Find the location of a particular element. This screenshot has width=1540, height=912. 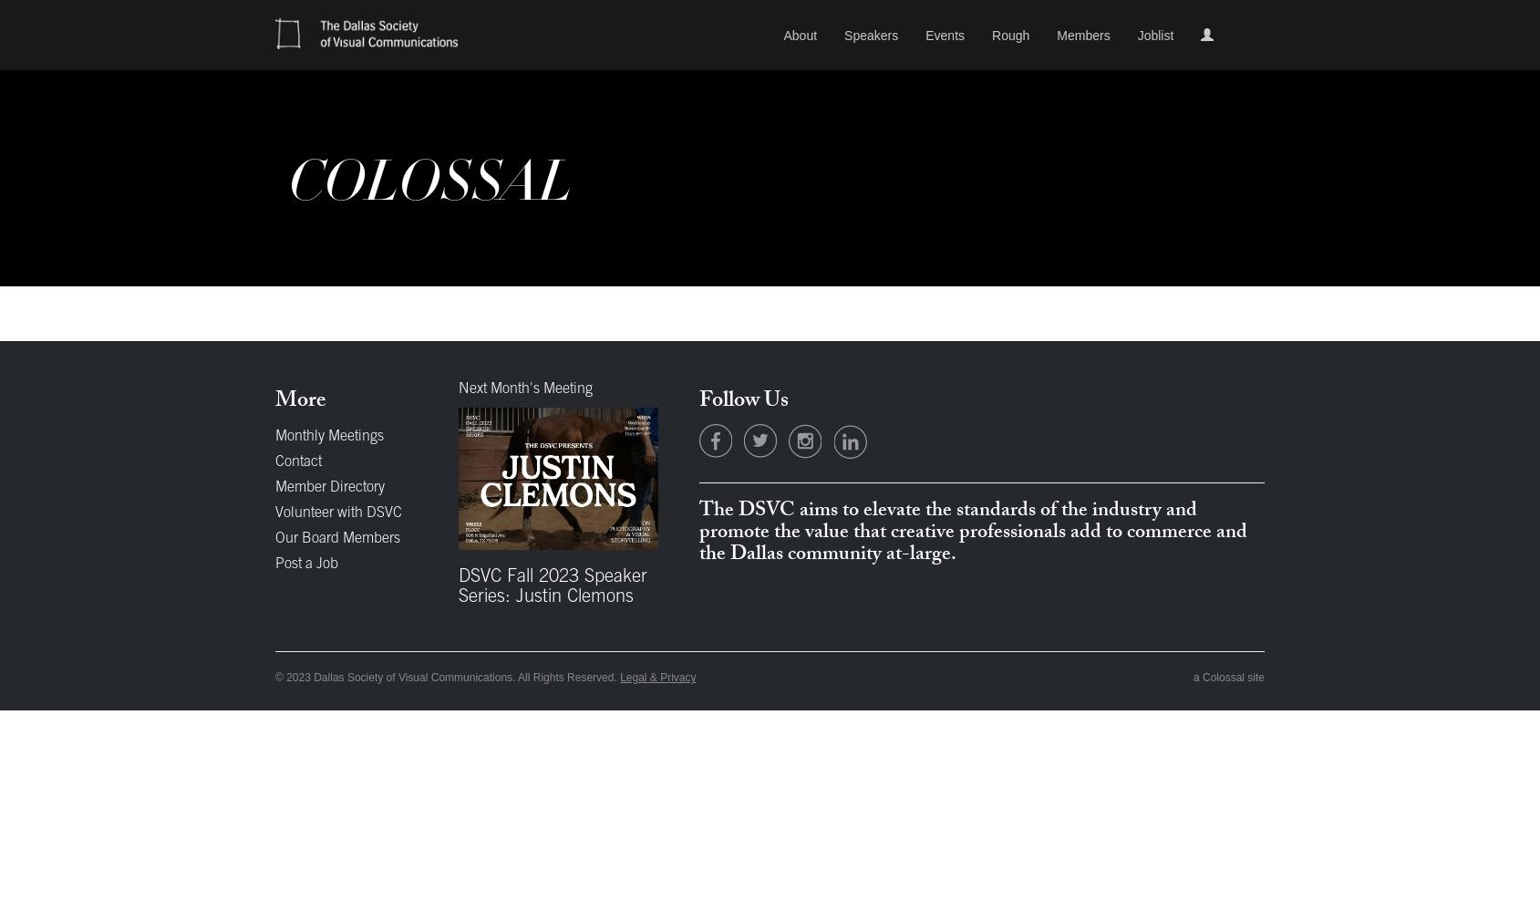

'Member Directory' is located at coordinates (329, 488).